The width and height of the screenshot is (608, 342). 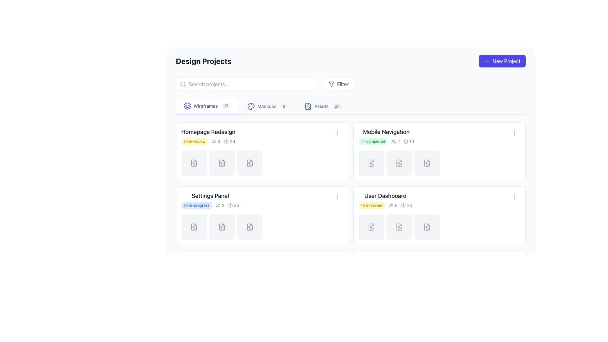 I want to click on the filter button located in the top-right area of the central search and filter bar, so click(x=350, y=84).